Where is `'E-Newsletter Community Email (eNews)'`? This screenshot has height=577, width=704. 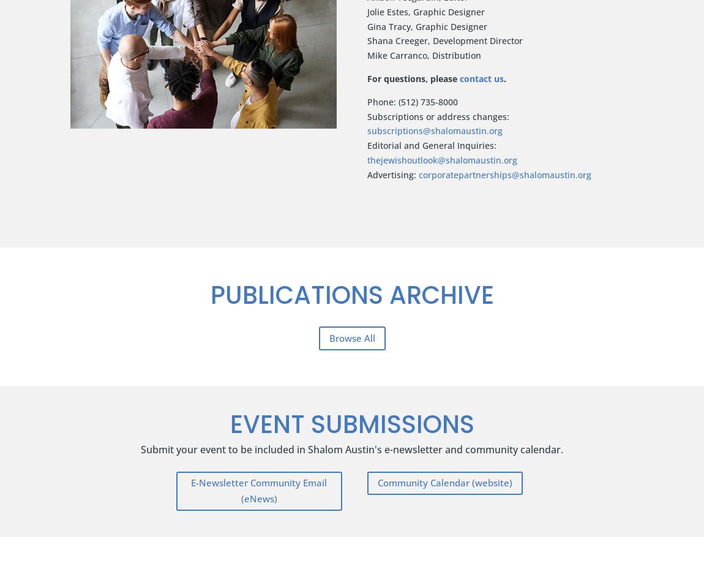 'E-Newsletter Community Email (eNews)' is located at coordinates (258, 490).